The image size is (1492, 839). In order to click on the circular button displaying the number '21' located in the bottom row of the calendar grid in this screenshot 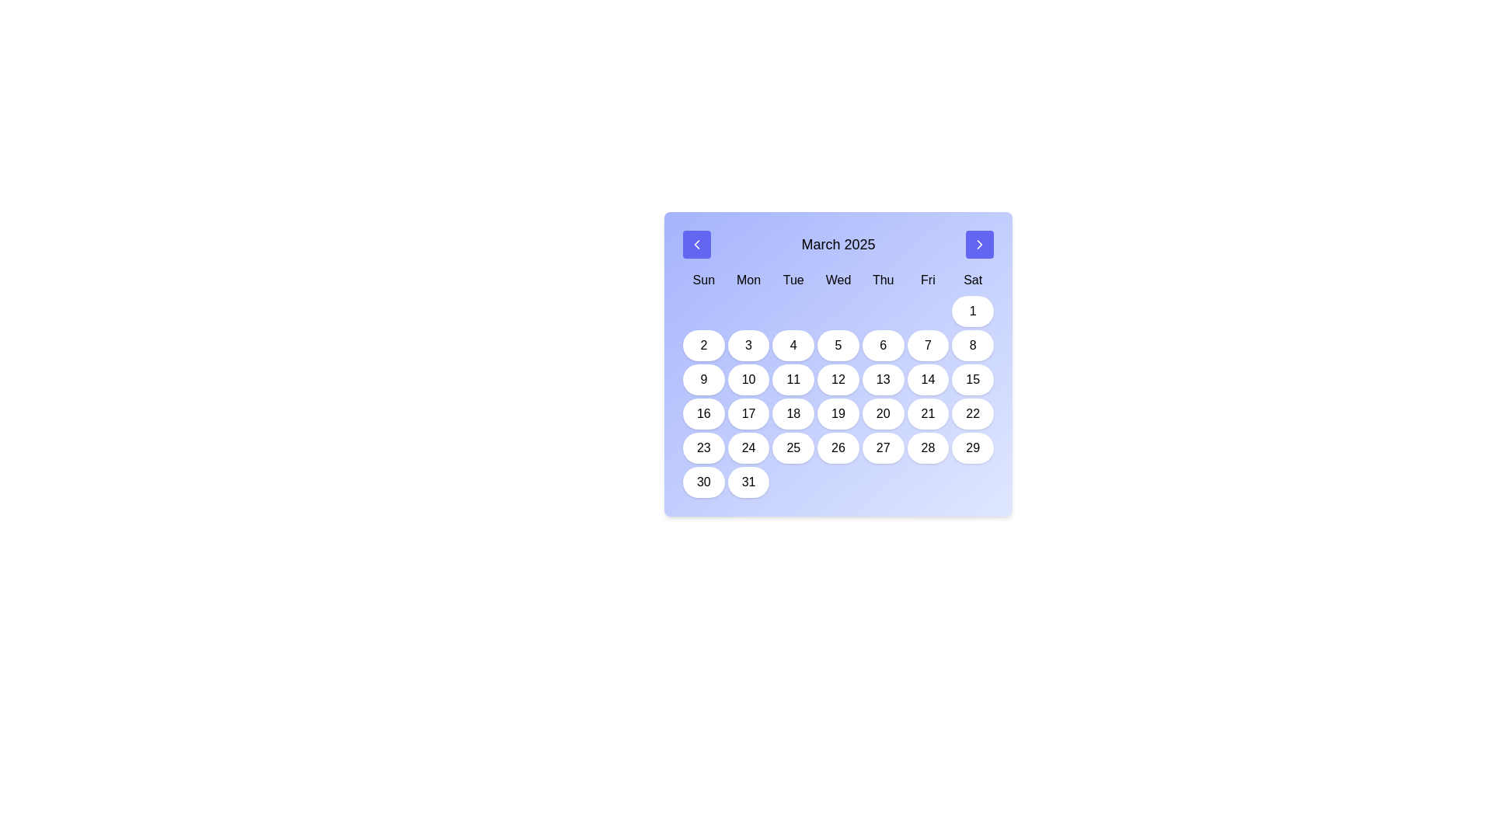, I will do `click(928, 413)`.